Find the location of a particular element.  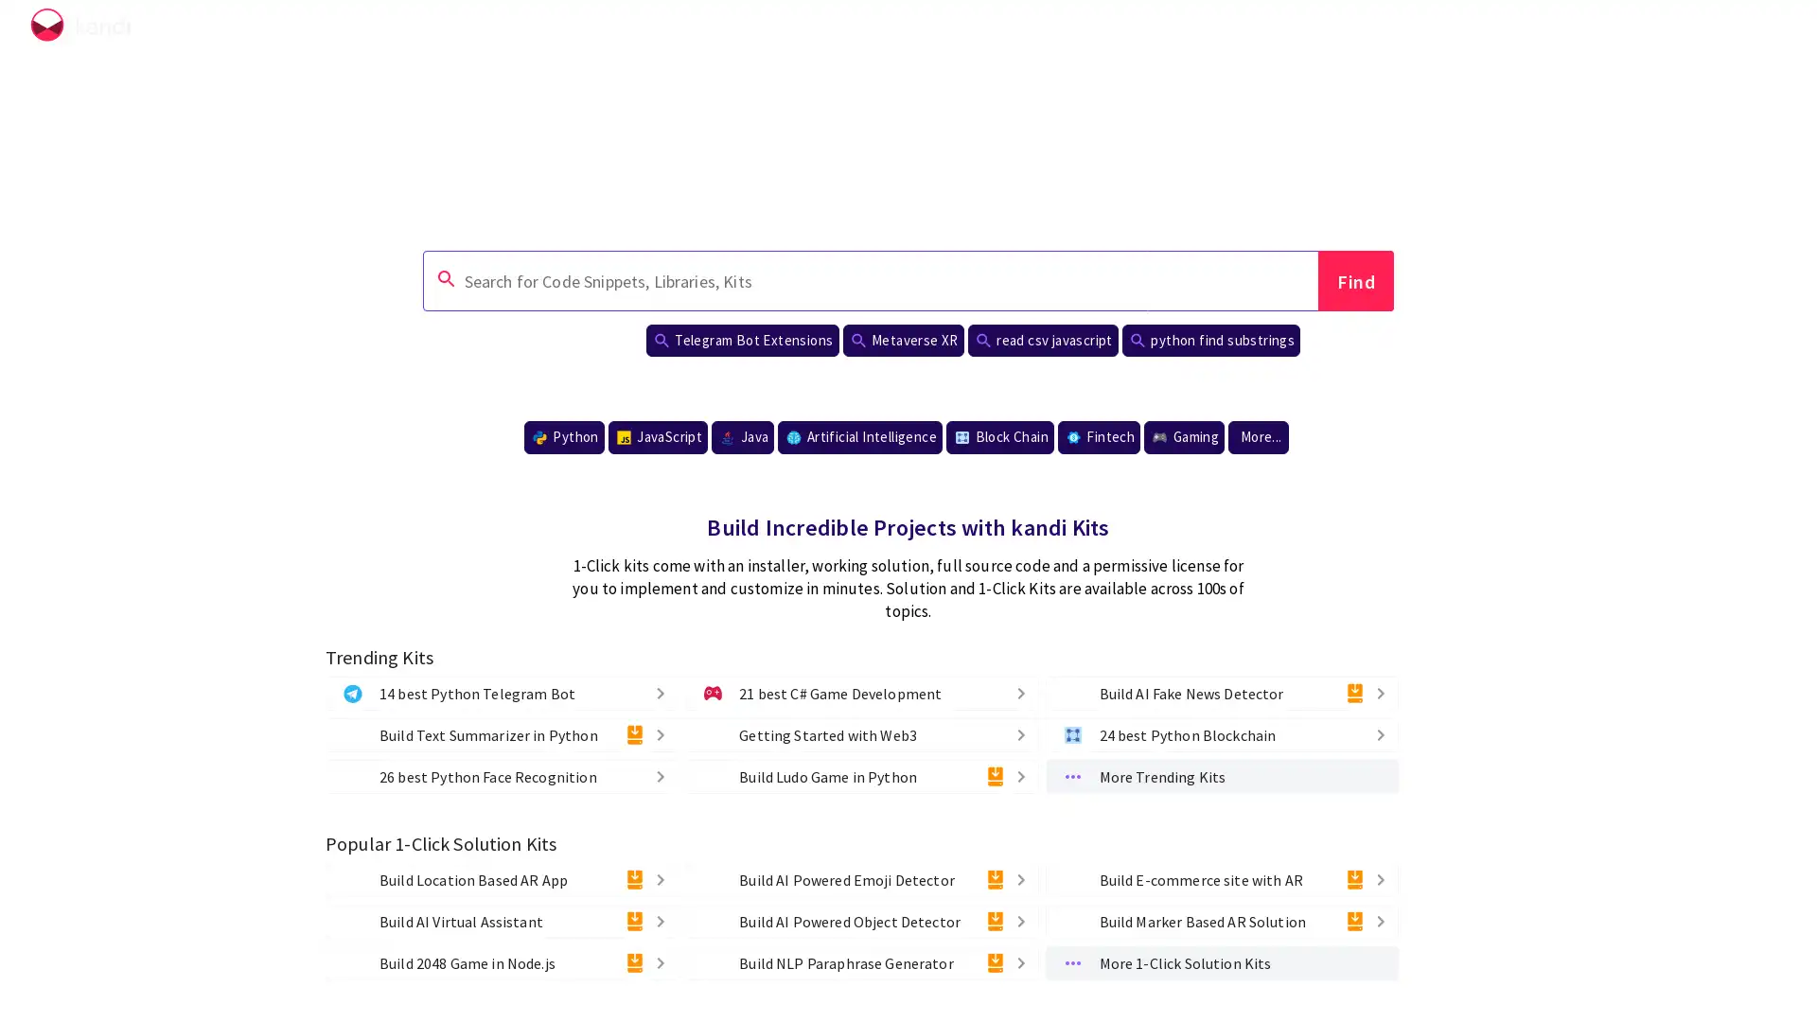

delete is located at coordinates (994, 776).